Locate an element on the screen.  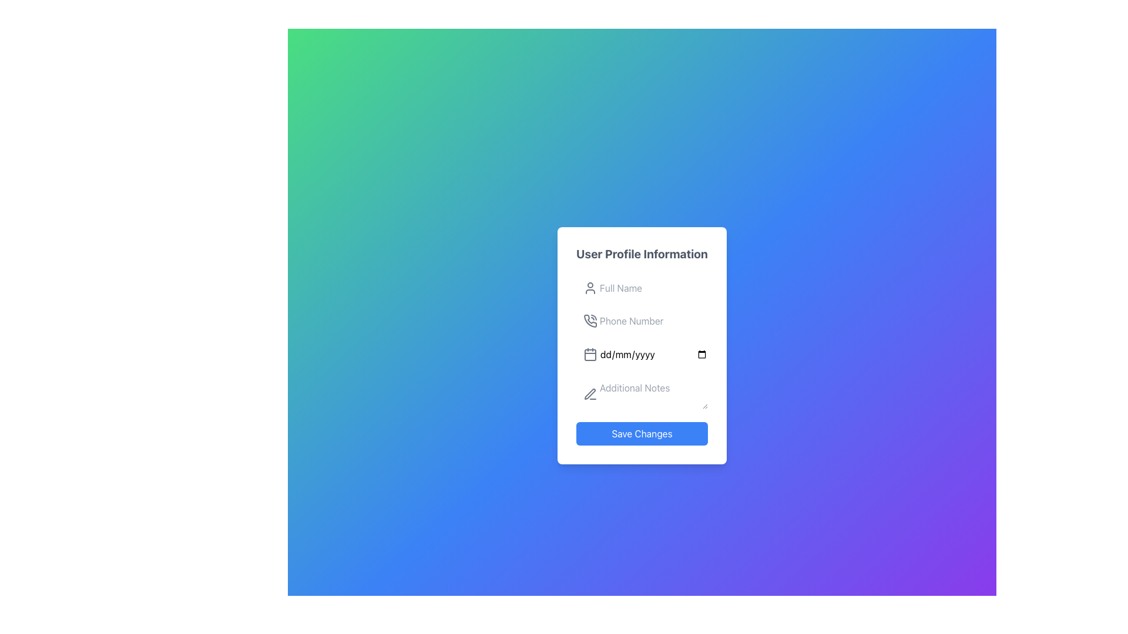
the confirmation button located at the bottom of the form, directly below the 'Additional Notes' input field is located at coordinates (642, 434).